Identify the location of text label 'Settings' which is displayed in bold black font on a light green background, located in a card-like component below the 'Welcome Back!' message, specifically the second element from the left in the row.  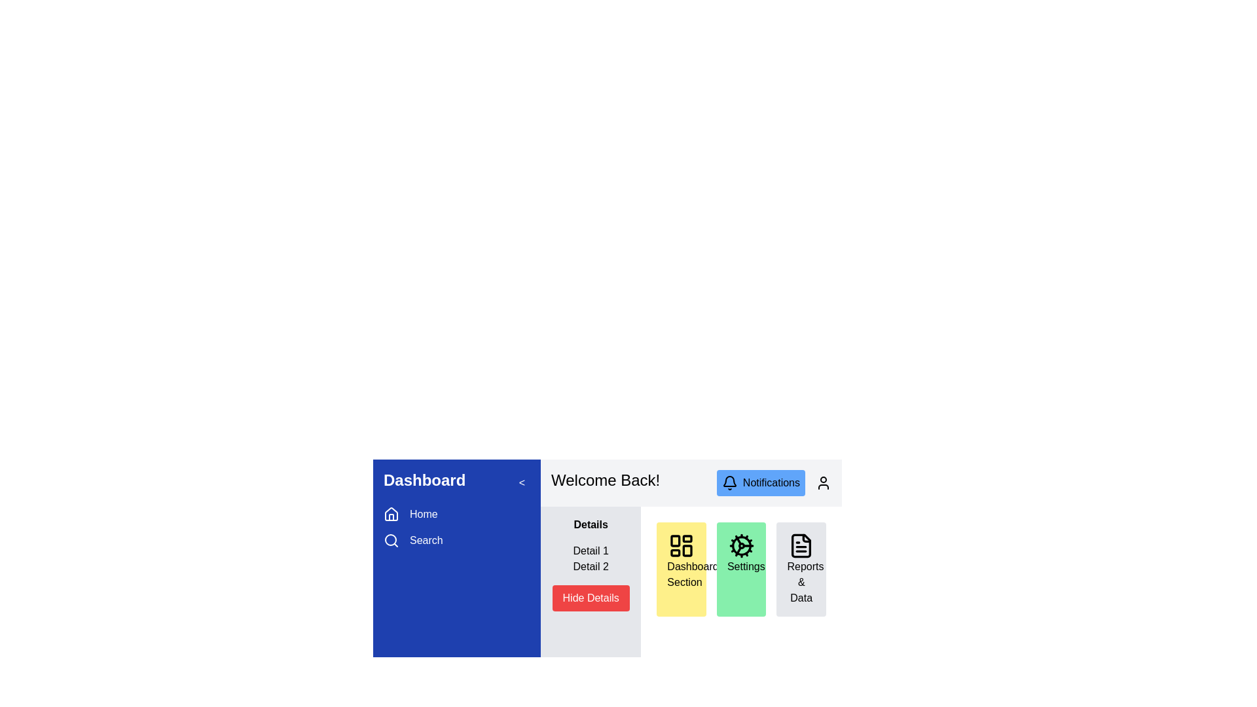
(746, 566).